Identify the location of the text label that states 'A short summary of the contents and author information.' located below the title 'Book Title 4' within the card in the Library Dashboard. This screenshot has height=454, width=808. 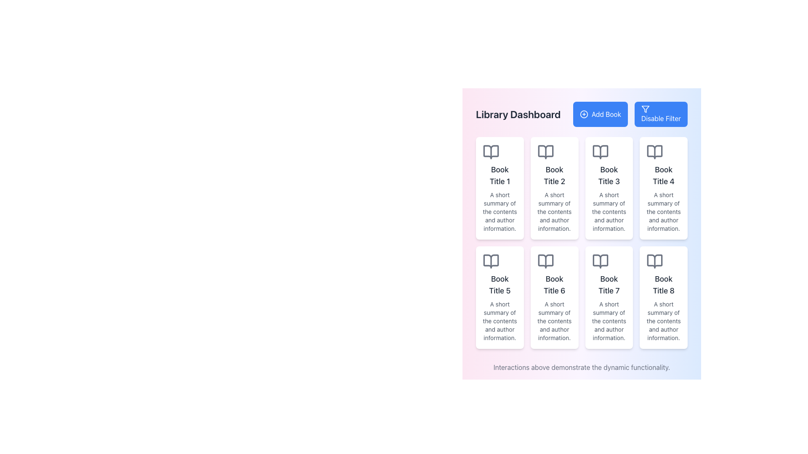
(663, 211).